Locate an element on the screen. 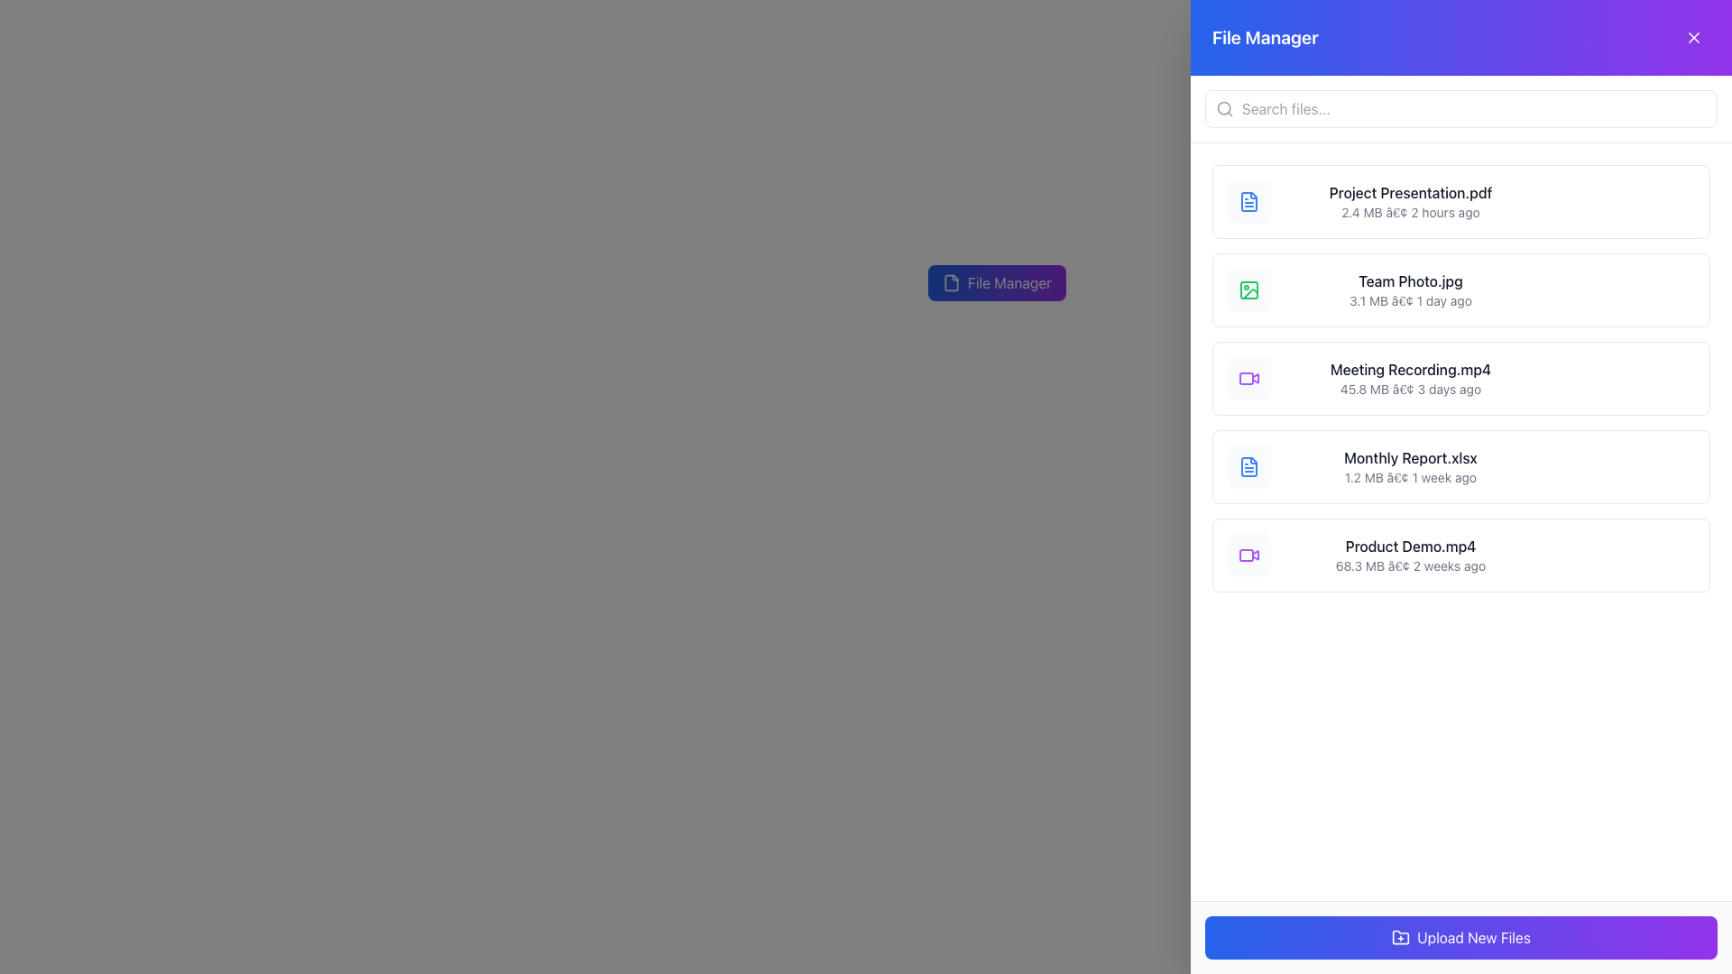 This screenshot has height=974, width=1732. the document icon located on the leftmost side of the 'File Manager' button is located at coordinates (951, 282).